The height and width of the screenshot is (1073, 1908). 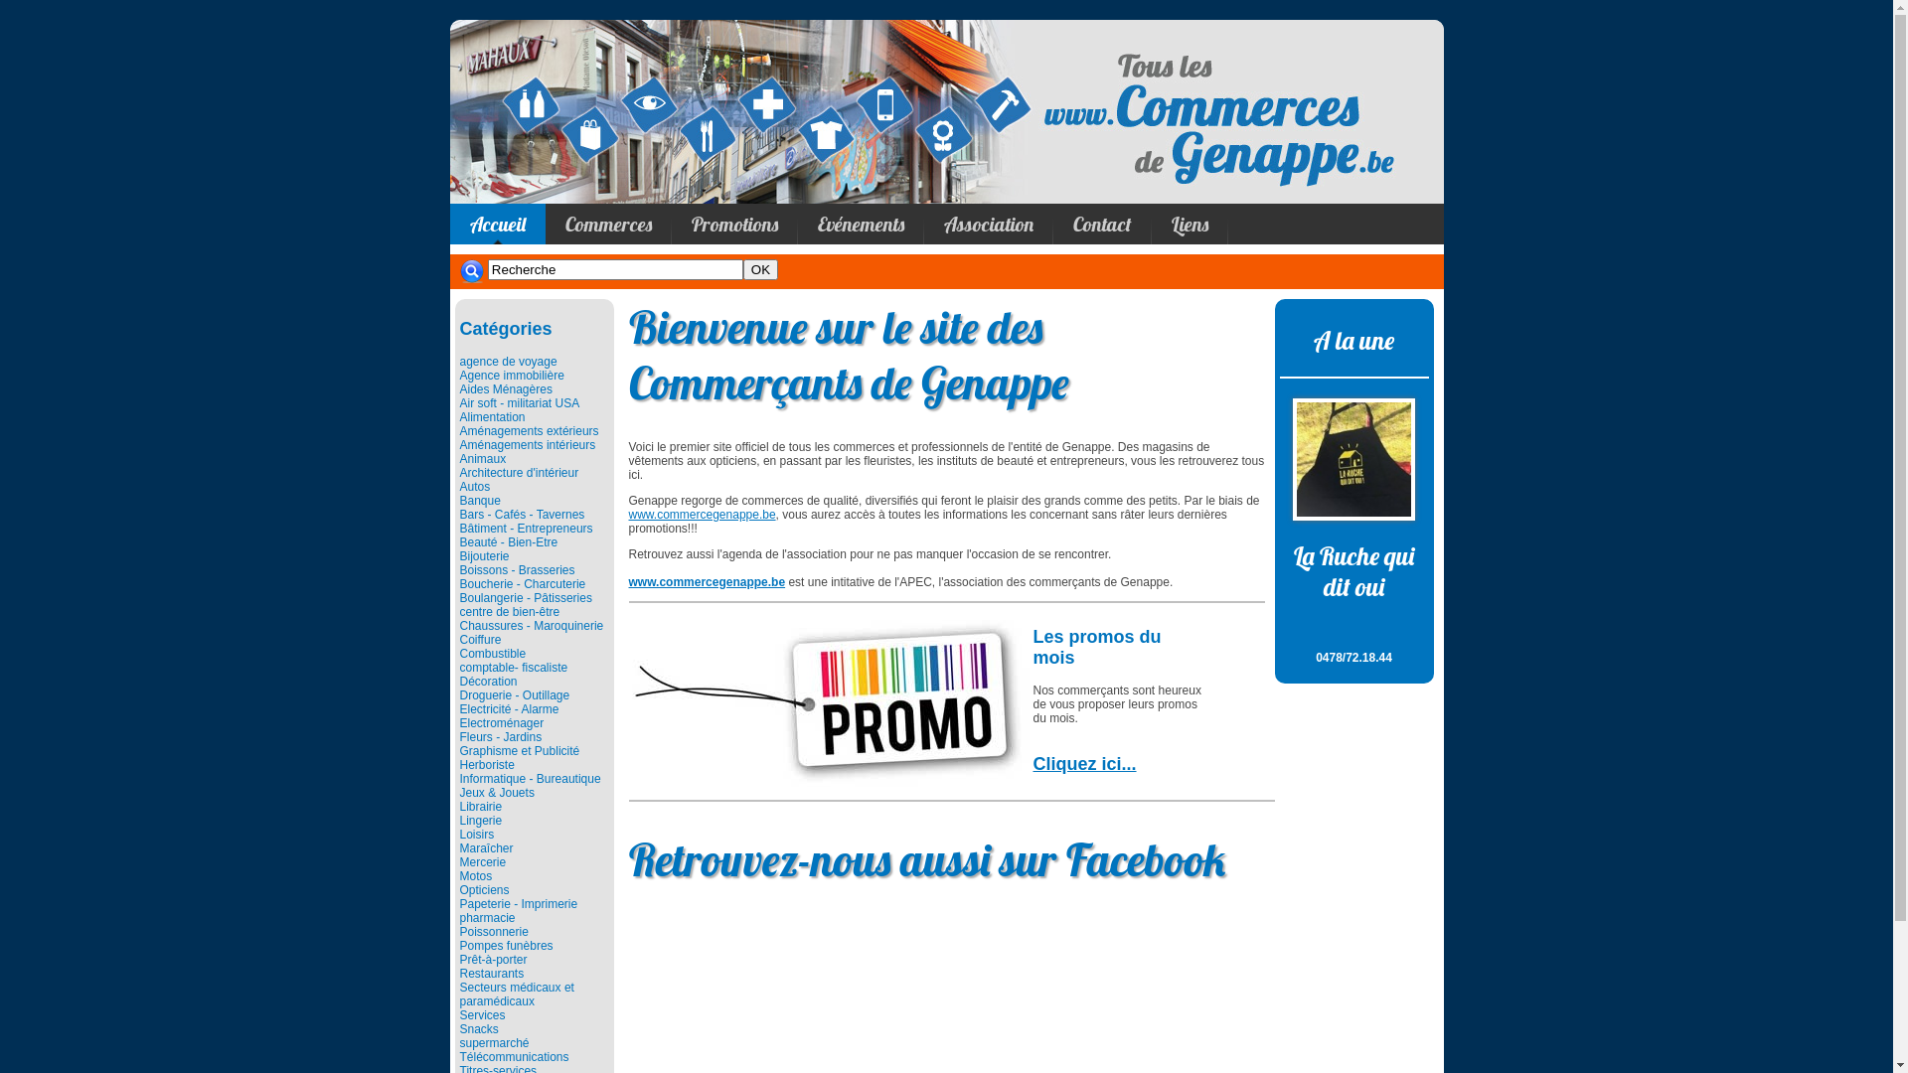 I want to click on 'www.commercegenappe.be', so click(x=701, y=513).